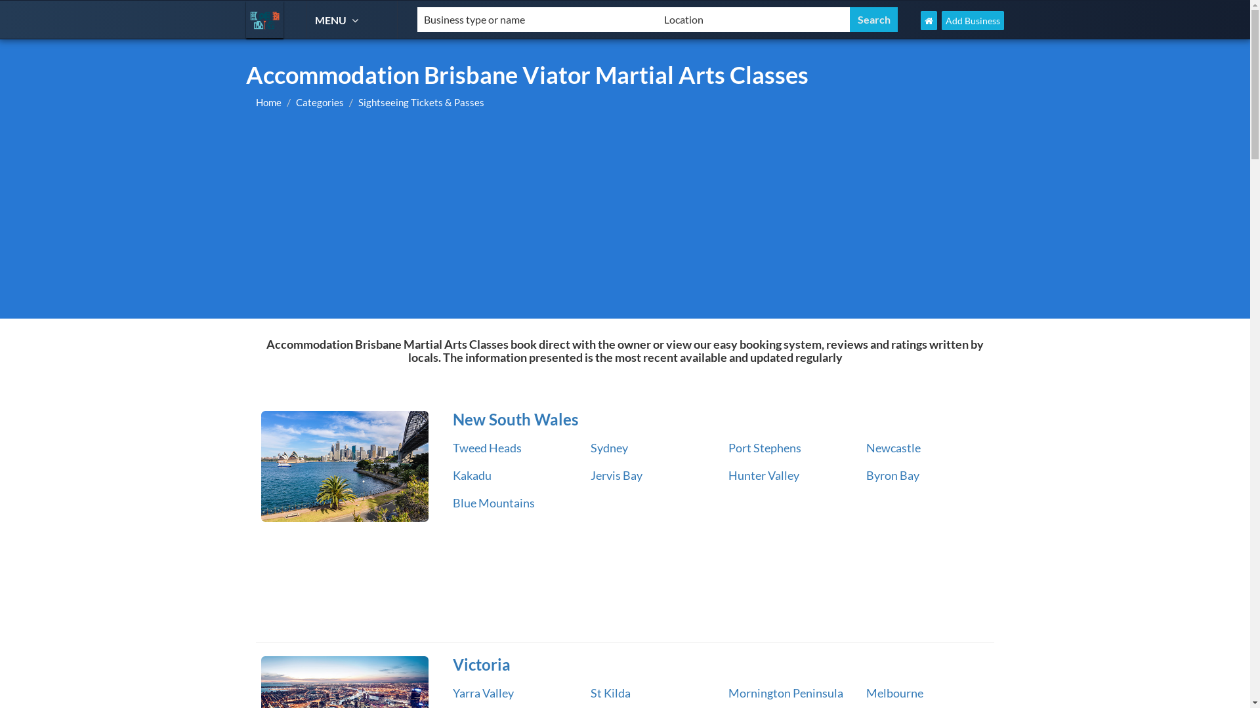 The image size is (1260, 708). Describe the element at coordinates (873, 20) in the screenshot. I see `'Search'` at that location.